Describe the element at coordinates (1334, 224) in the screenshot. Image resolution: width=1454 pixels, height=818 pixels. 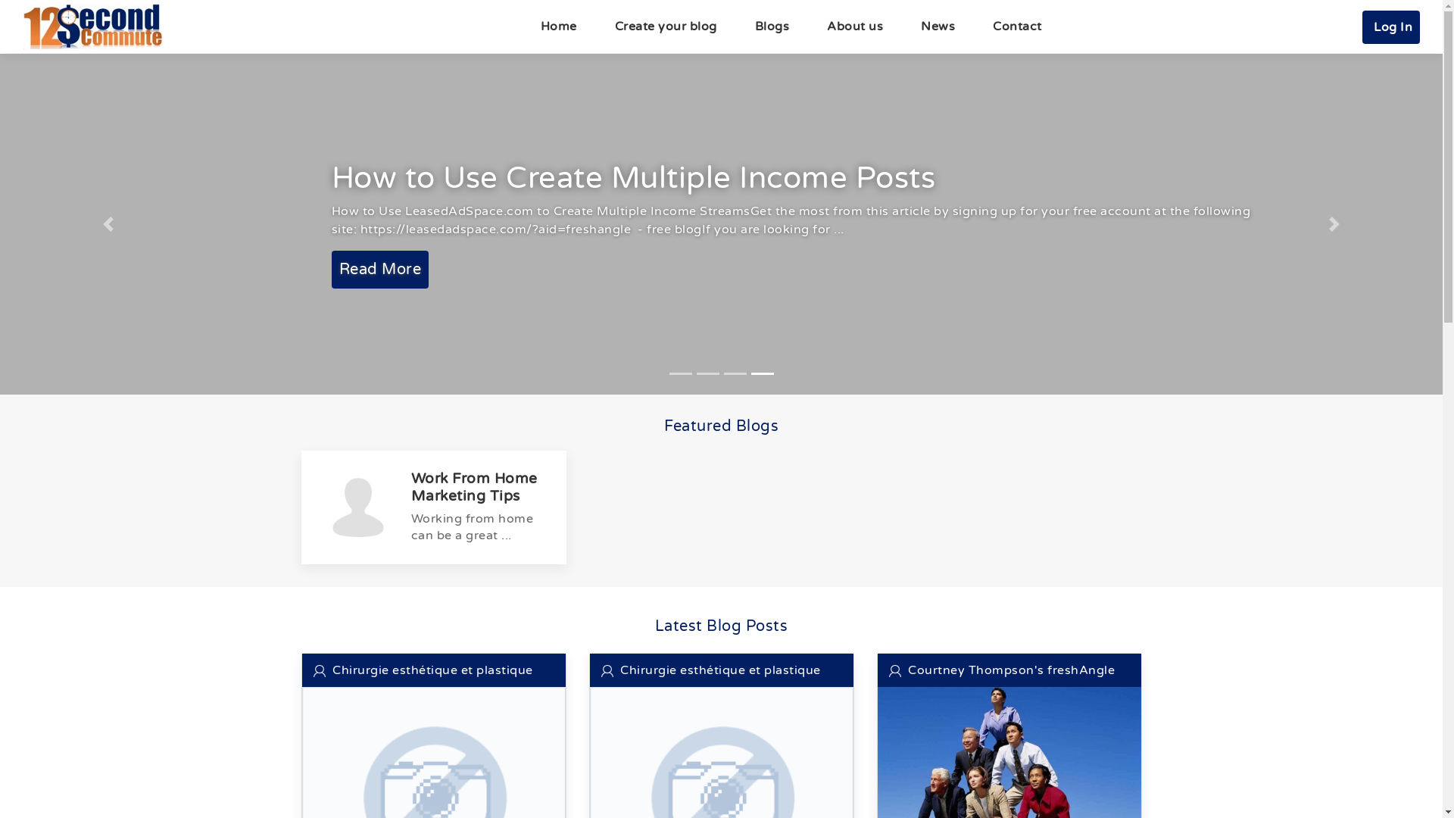
I see `'Next'` at that location.